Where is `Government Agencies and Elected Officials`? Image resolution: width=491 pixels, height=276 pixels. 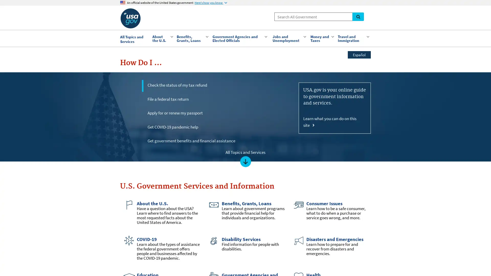 Government Agencies and Elected Officials is located at coordinates (239, 38).